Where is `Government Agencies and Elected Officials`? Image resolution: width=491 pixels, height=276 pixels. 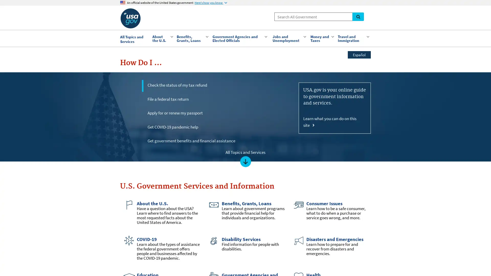 Government Agencies and Elected Officials is located at coordinates (239, 38).